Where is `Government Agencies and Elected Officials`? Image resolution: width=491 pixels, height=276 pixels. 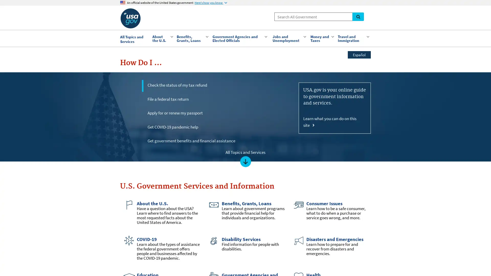 Government Agencies and Elected Officials is located at coordinates (239, 38).